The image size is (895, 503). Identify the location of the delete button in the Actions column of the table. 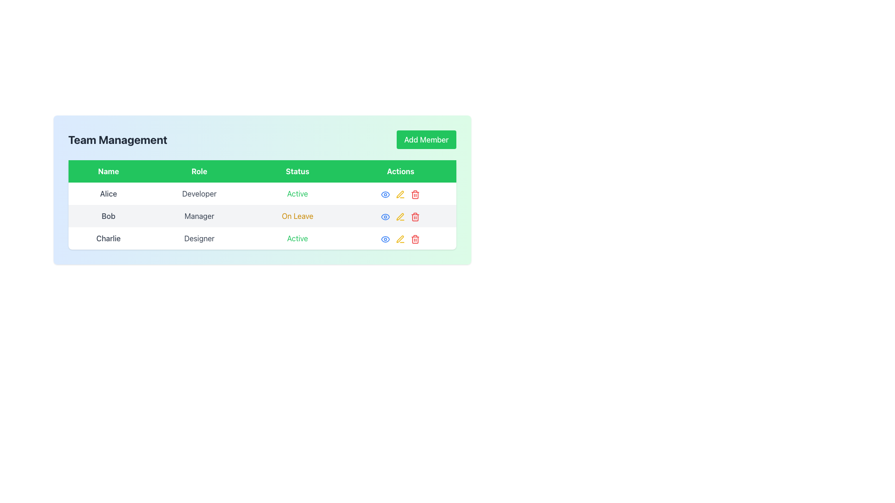
(415, 193).